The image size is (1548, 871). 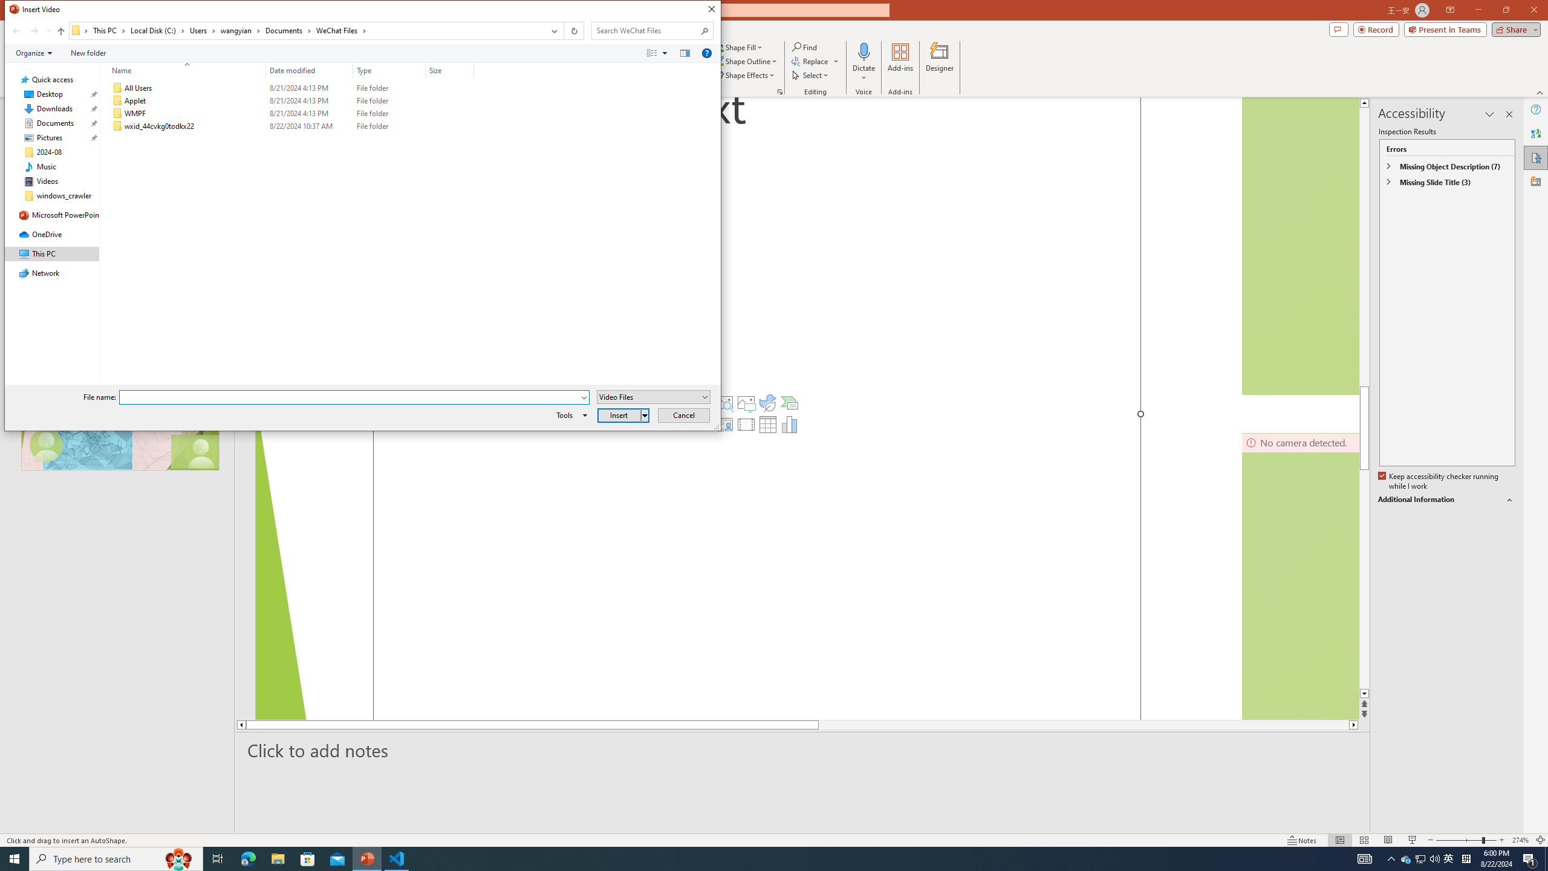 What do you see at coordinates (389, 70) in the screenshot?
I see `'Type'` at bounding box center [389, 70].